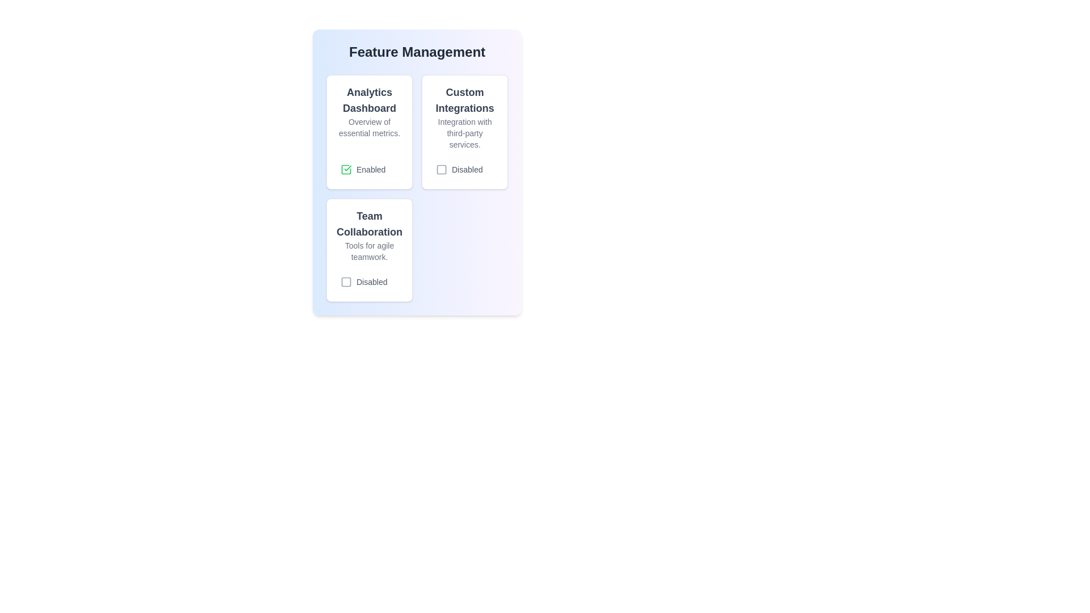 This screenshot has height=613, width=1090. I want to click on the checkbox indicating the state of the 'Disabled' label in the 'Team Collaboration' section, so click(345, 282).